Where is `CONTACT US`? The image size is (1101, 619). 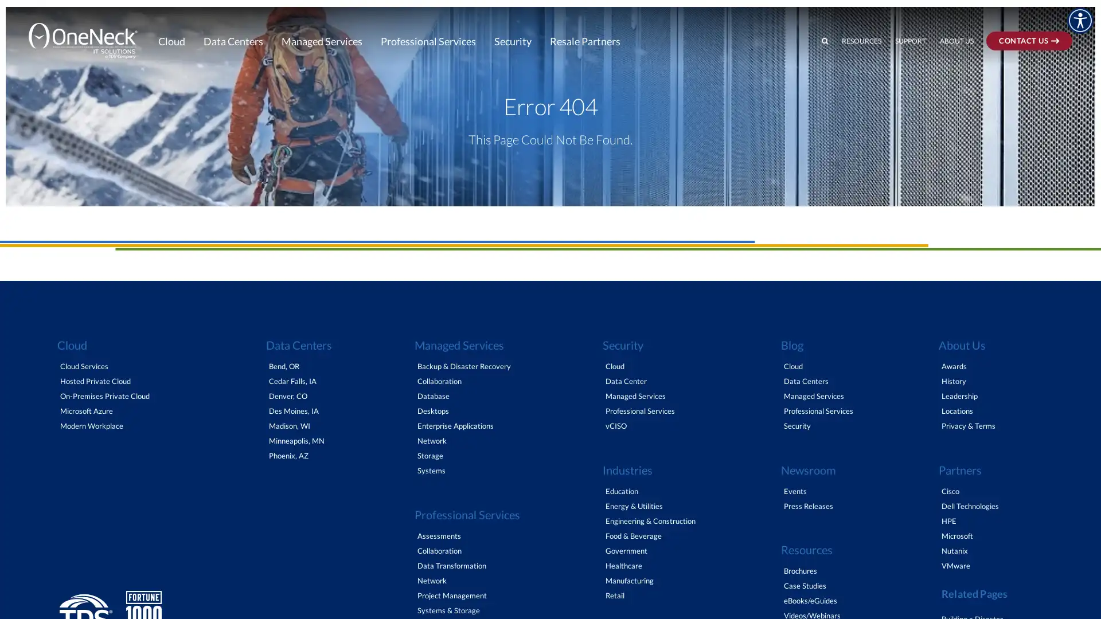
CONTACT US is located at coordinates (1046, 10).